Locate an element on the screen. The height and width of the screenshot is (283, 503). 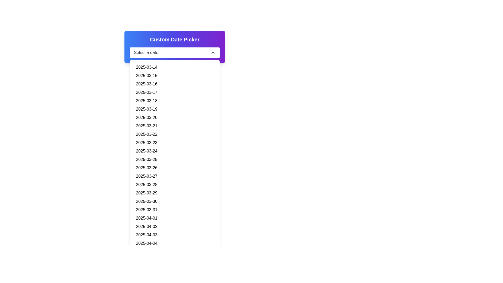
to select the date '2025-04-03' from the 20th item in the dropdown menu of the custom date picker interface is located at coordinates (175, 235).